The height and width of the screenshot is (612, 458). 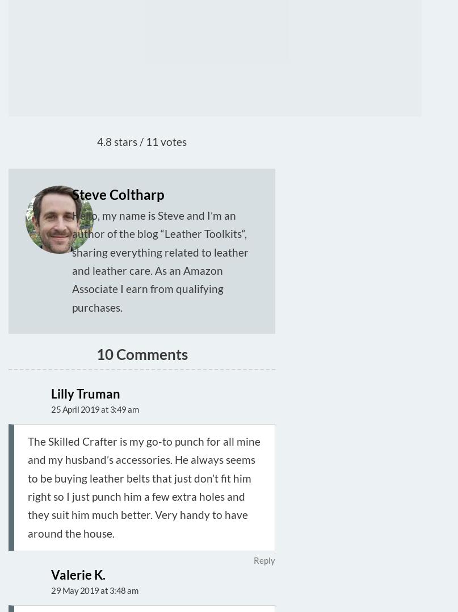 What do you see at coordinates (50, 393) in the screenshot?
I see `'Lilly Truman'` at bounding box center [50, 393].